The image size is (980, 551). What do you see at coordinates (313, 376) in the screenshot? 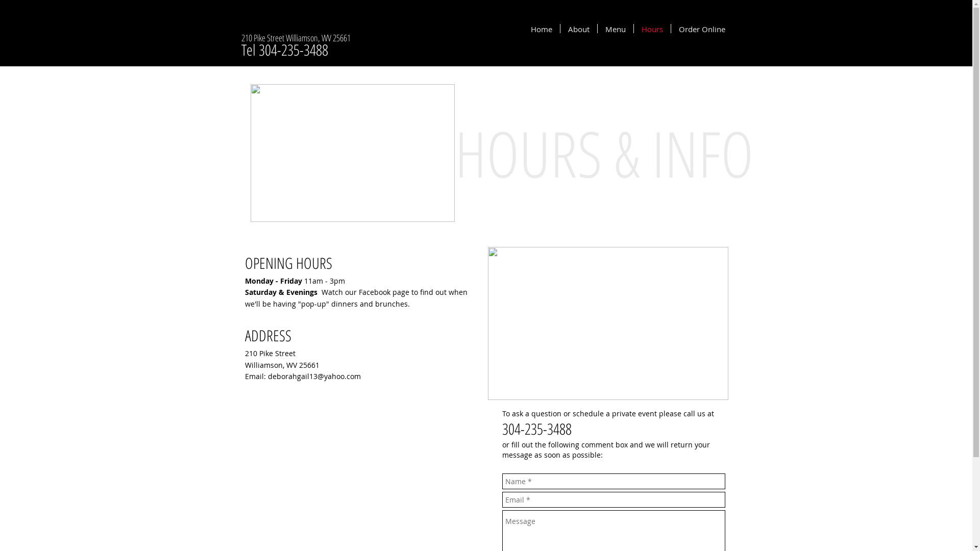
I see `'deborahgail13@yahoo.com'` at bounding box center [313, 376].